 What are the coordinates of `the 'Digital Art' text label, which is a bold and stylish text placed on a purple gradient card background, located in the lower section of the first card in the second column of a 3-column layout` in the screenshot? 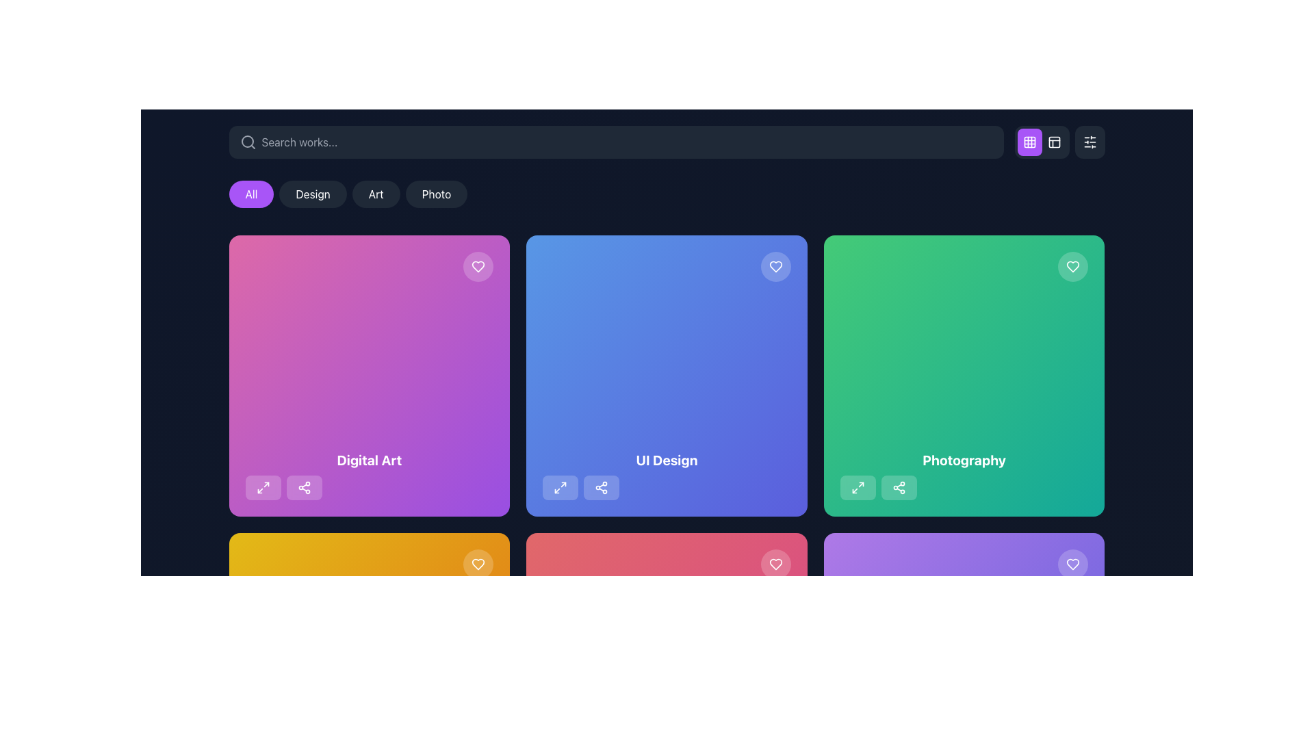 It's located at (369, 460).